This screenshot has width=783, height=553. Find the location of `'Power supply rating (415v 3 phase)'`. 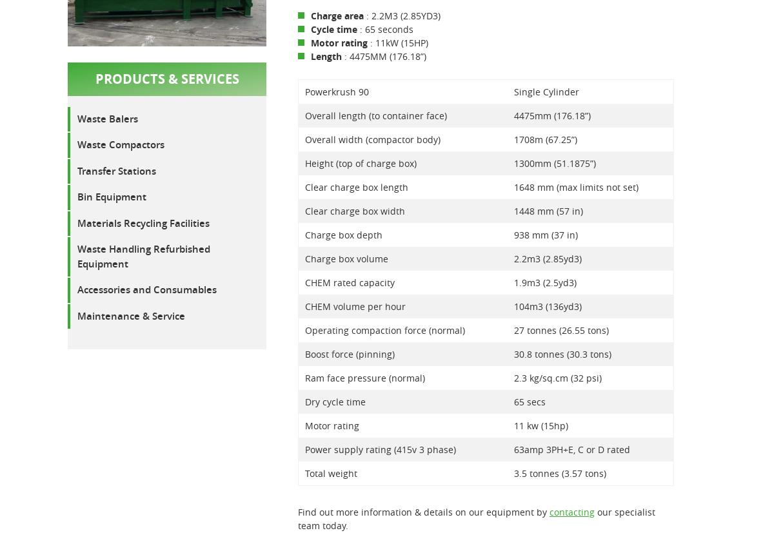

'Power supply rating (415v 3 phase)' is located at coordinates (304, 449).